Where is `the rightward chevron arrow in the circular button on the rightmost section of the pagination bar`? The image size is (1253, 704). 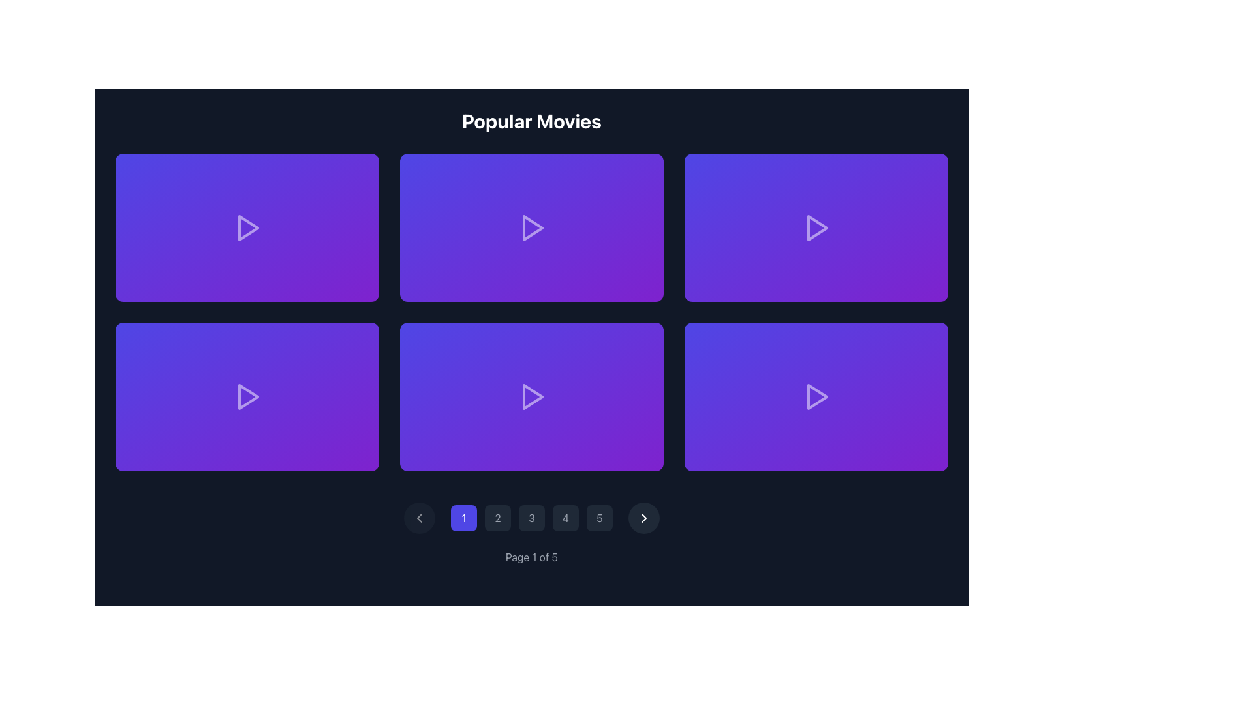 the rightward chevron arrow in the circular button on the rightmost section of the pagination bar is located at coordinates (644, 517).